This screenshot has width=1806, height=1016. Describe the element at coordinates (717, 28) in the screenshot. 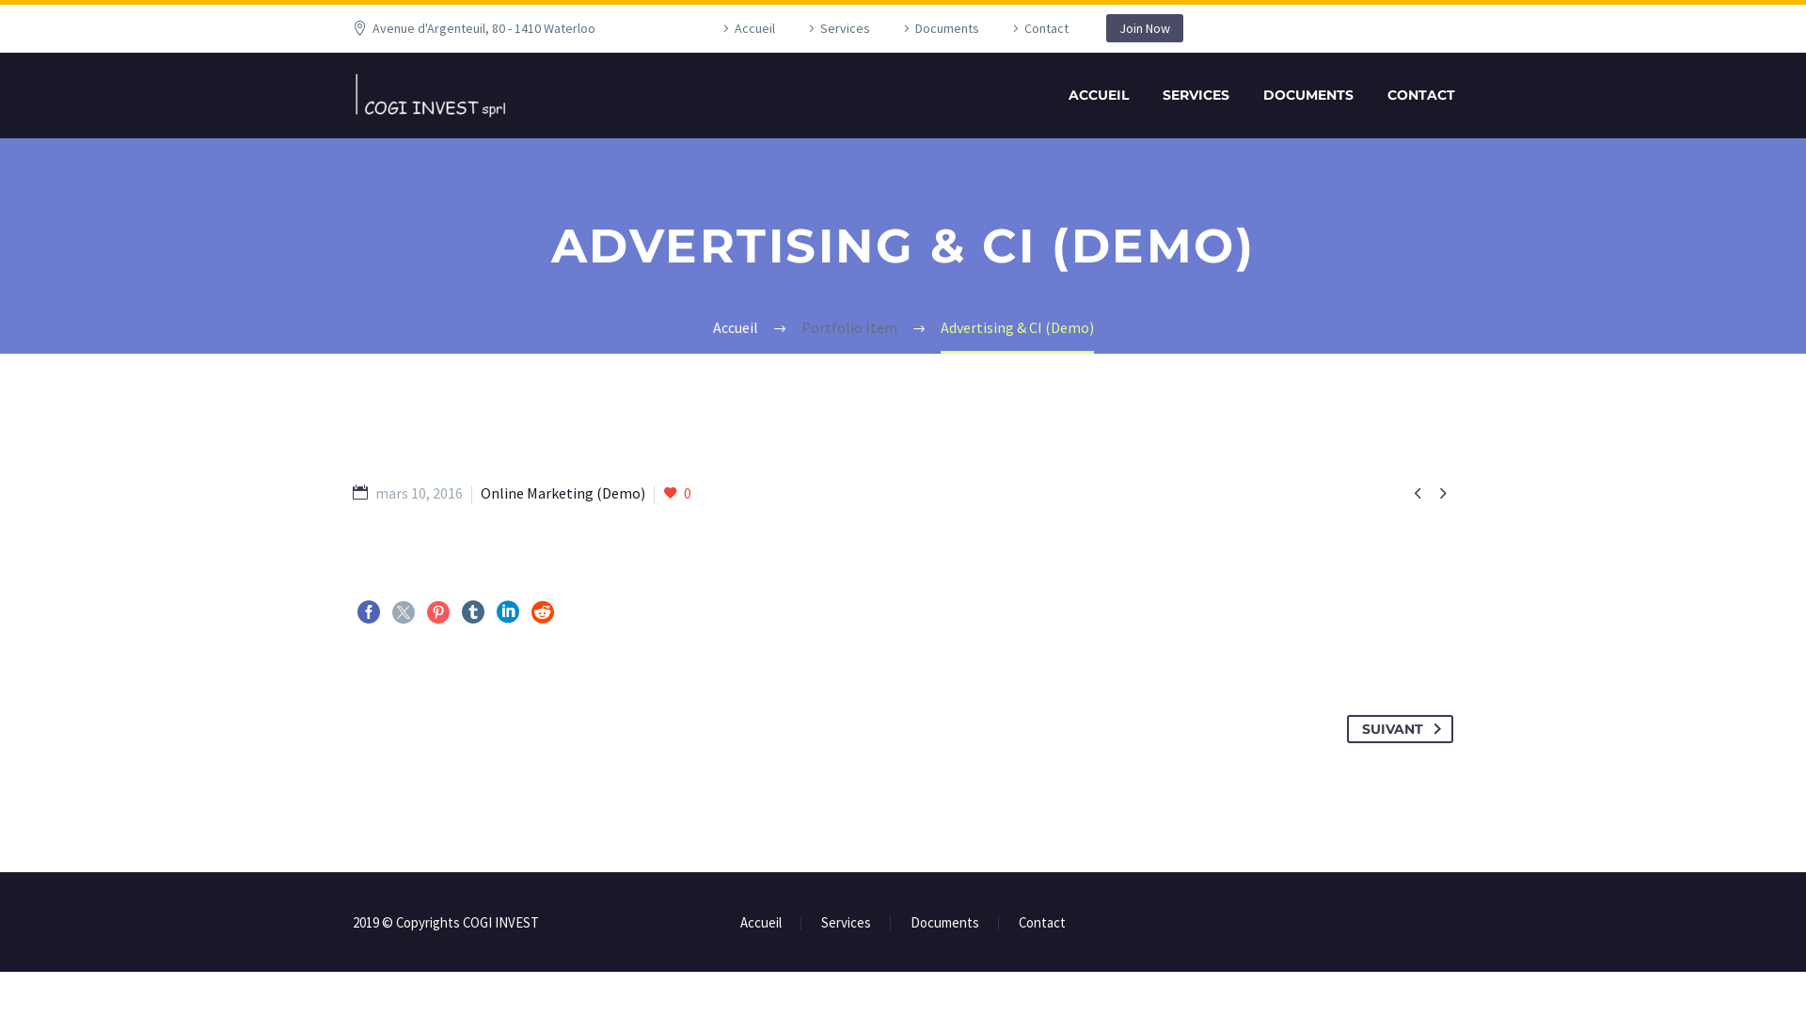

I see `'Accueil'` at that location.